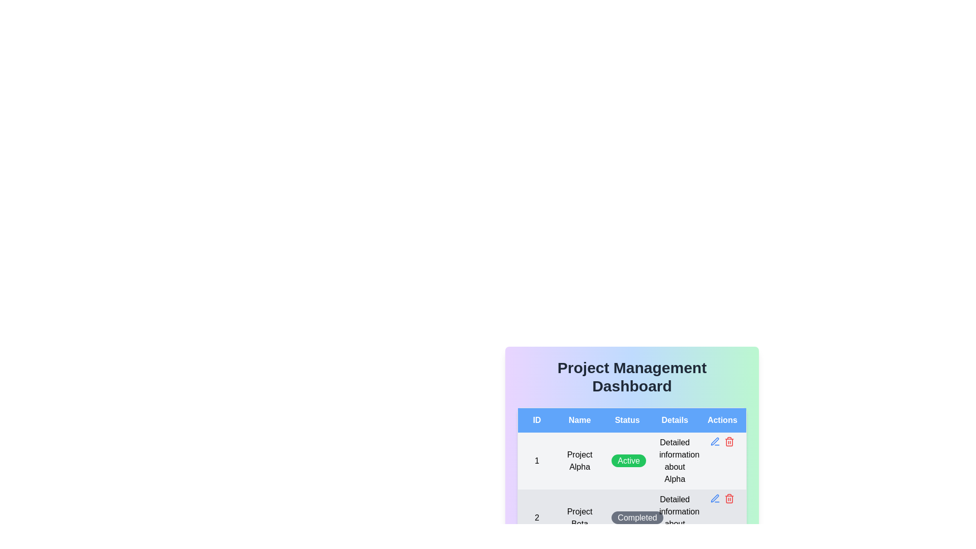 This screenshot has width=976, height=549. Describe the element at coordinates (627, 420) in the screenshot. I see `the 'Status' text label, which is displayed in white font on a blue rectangular background and is the third item in a horizontal row of column headers in a table layout` at that location.